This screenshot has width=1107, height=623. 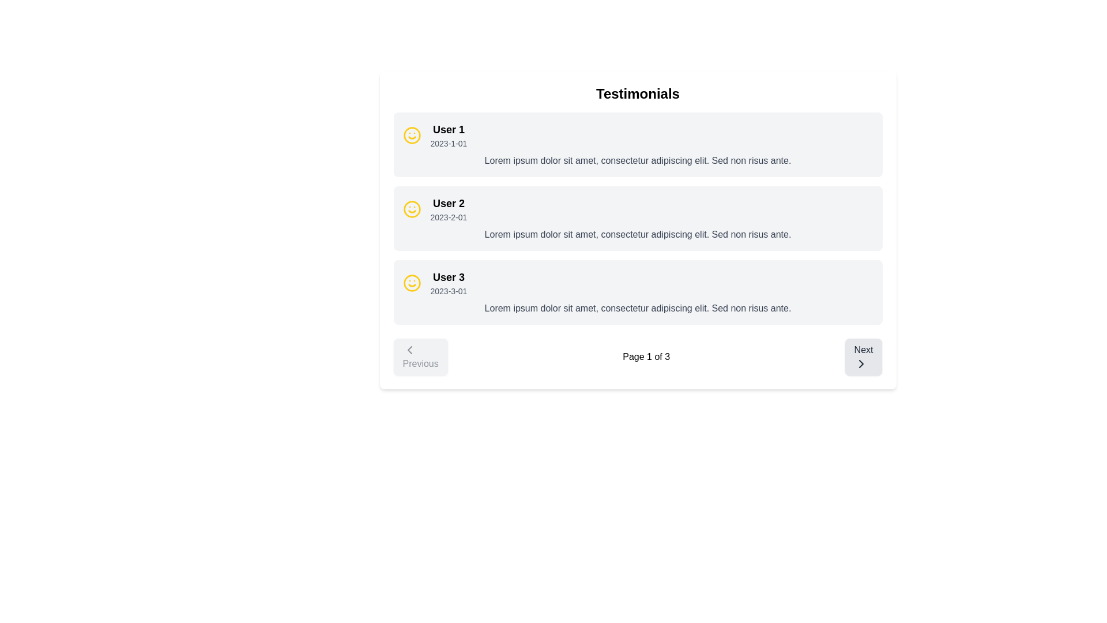 What do you see at coordinates (412, 209) in the screenshot?
I see `the circular outline of the smiley face icon associated with 'User 2' in the testimonials list` at bounding box center [412, 209].